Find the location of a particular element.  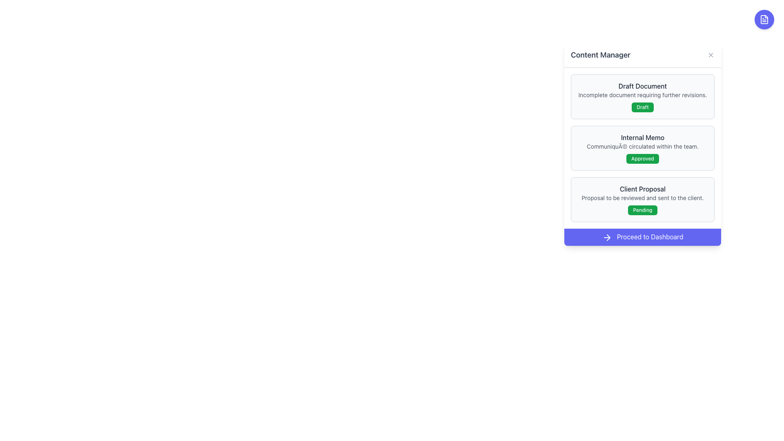

the small rectangular button-like component with a green background and bold white text 'Pending' located in the 'Client Proposal' section of the 'Content Manager' panel is located at coordinates (642, 210).